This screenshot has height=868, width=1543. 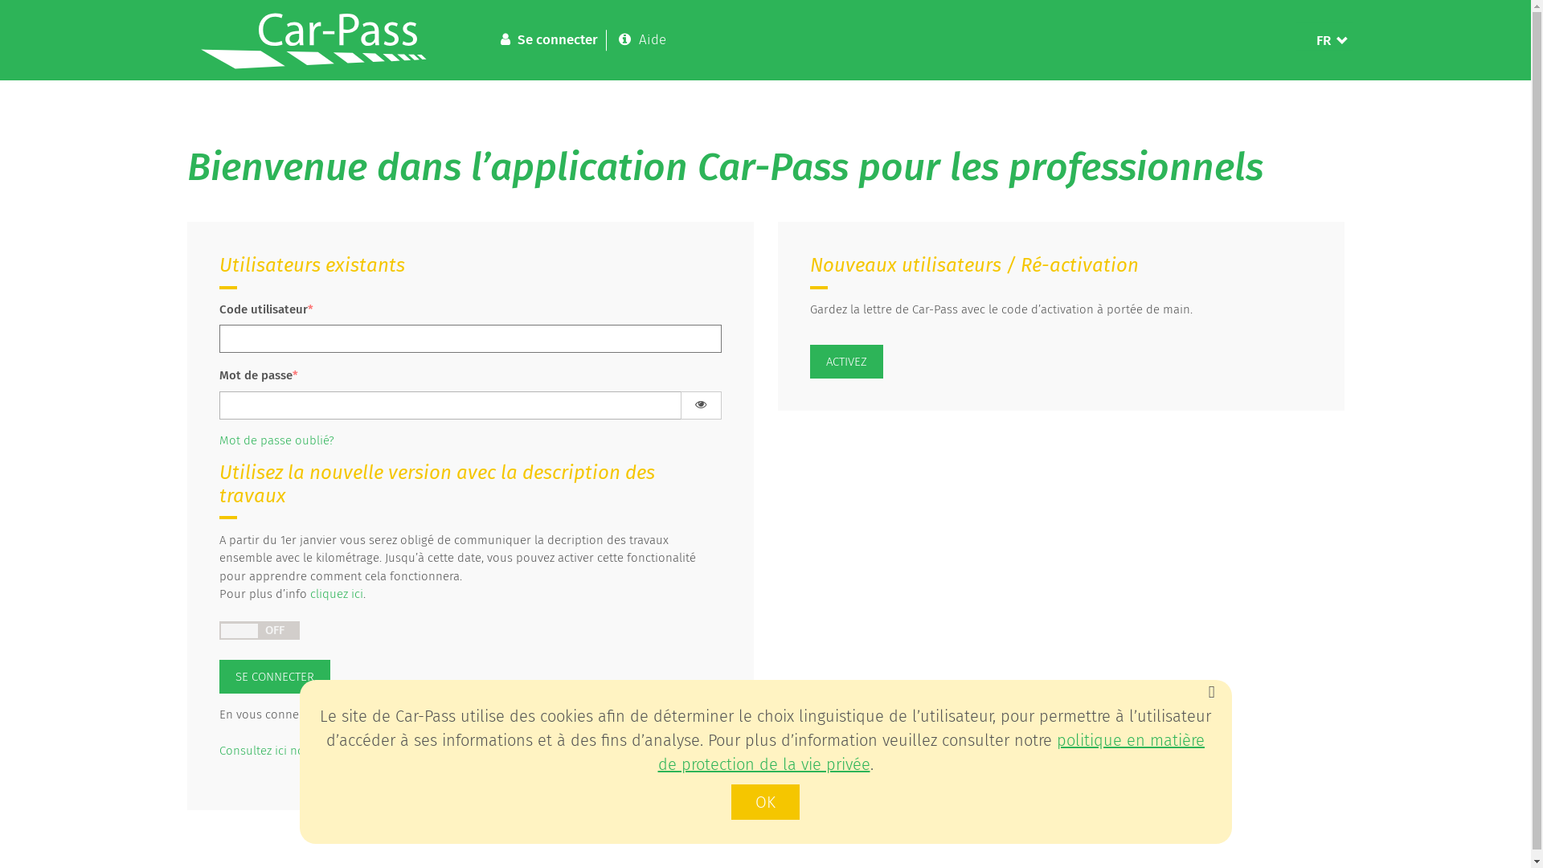 What do you see at coordinates (273, 676) in the screenshot?
I see `'SE CONNECTER'` at bounding box center [273, 676].